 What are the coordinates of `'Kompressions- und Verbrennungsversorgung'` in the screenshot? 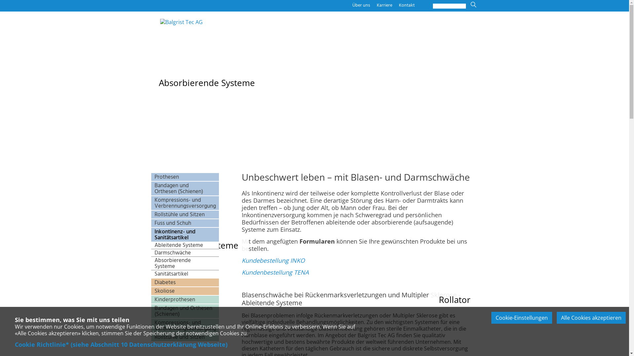 It's located at (185, 325).